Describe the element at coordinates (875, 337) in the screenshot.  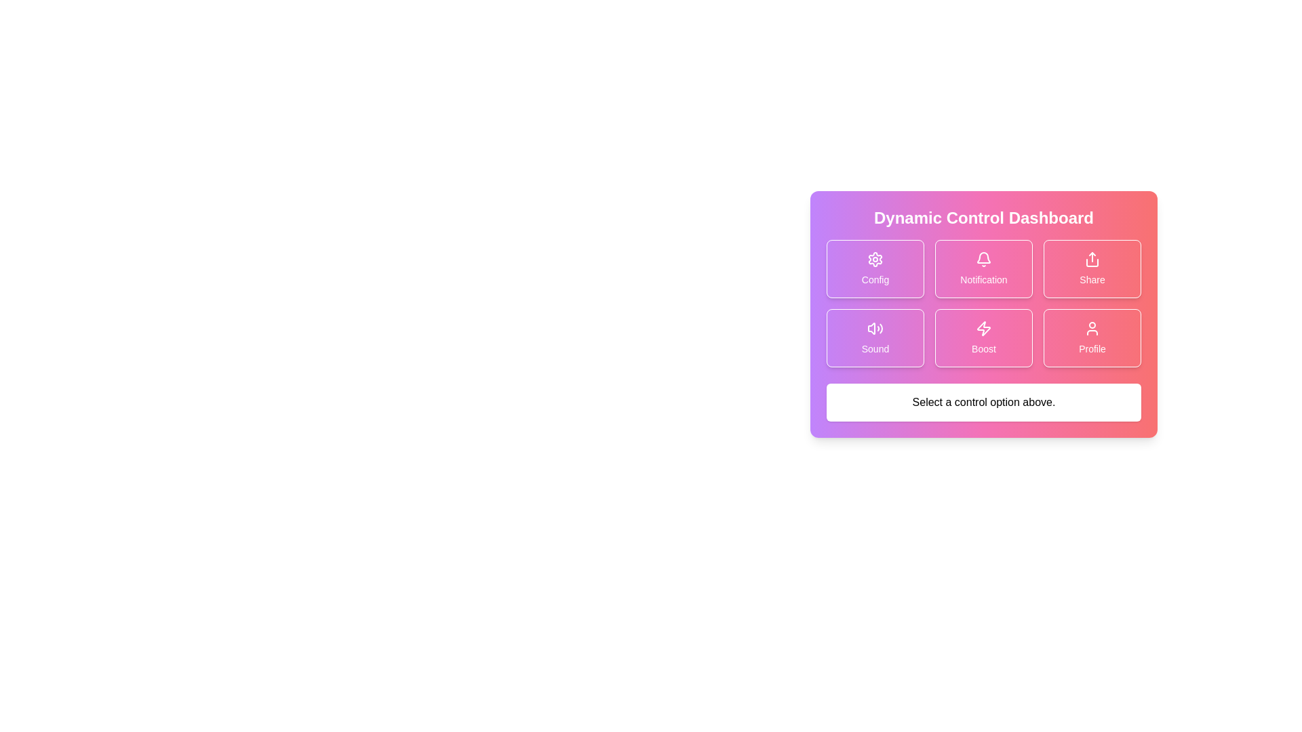
I see `the 'Sound' Button Card, which is a rectangular interactive card with a speaker icon and a label, located` at that location.